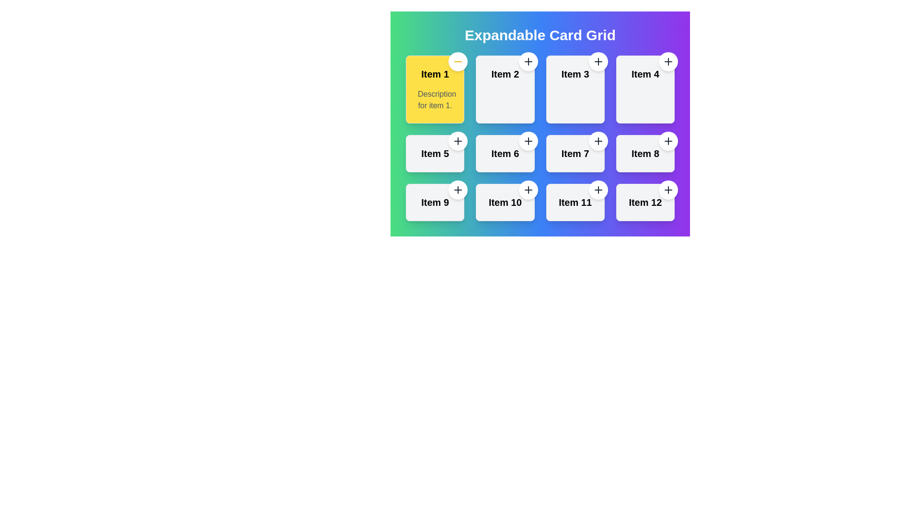 This screenshot has height=517, width=920. What do you see at coordinates (528, 190) in the screenshot?
I see `the button located at the top-right corner of the card labeled 'Item 10'` at bounding box center [528, 190].